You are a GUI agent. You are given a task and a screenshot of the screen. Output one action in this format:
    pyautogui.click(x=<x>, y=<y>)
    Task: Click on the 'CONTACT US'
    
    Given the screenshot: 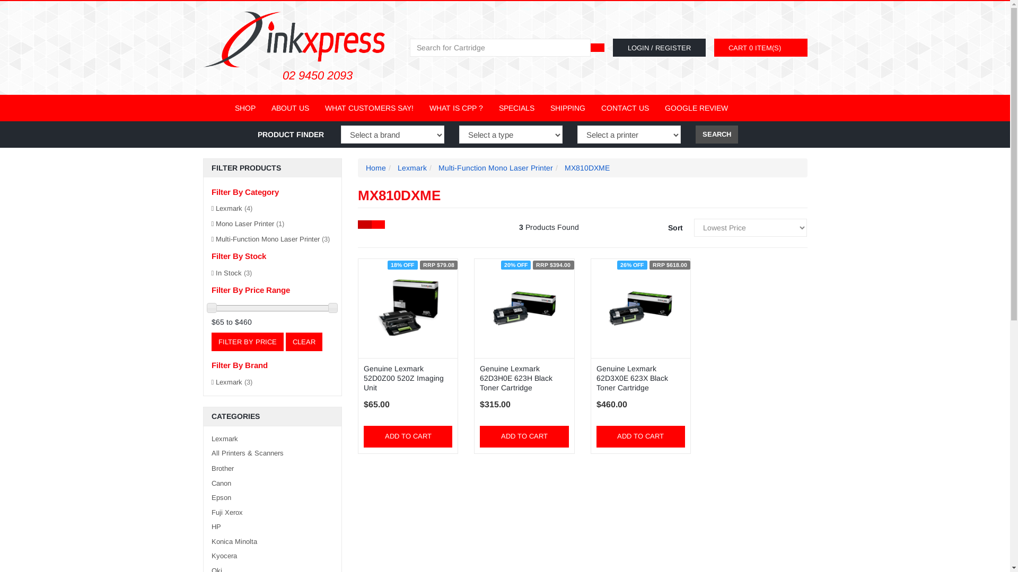 What is the action you would take?
    pyautogui.click(x=624, y=108)
    